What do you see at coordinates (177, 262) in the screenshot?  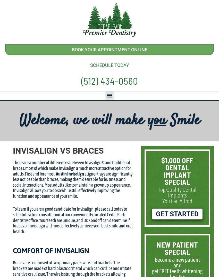 I see `'Become a new patient and'` at bounding box center [177, 262].